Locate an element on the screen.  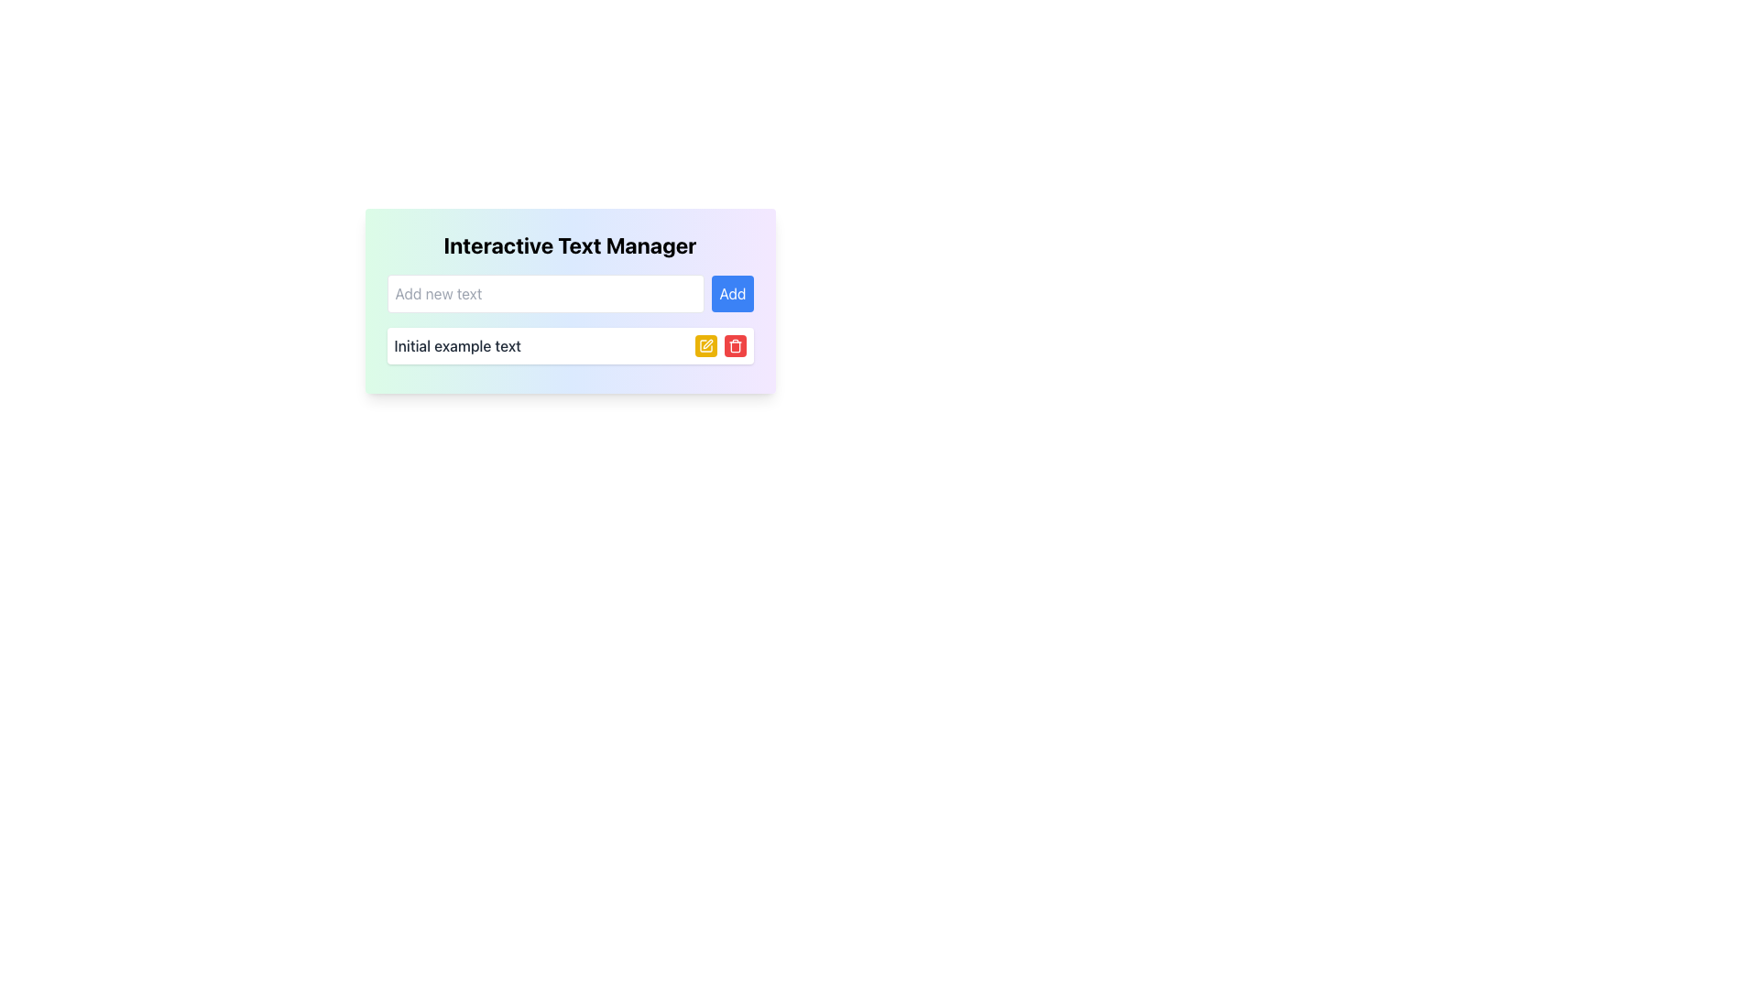
the edit functionality icon located inside the yellow button, which is positioned to the left of the red trash icon and in the same row as the displayed text 'Initial example text' is located at coordinates (705, 346).